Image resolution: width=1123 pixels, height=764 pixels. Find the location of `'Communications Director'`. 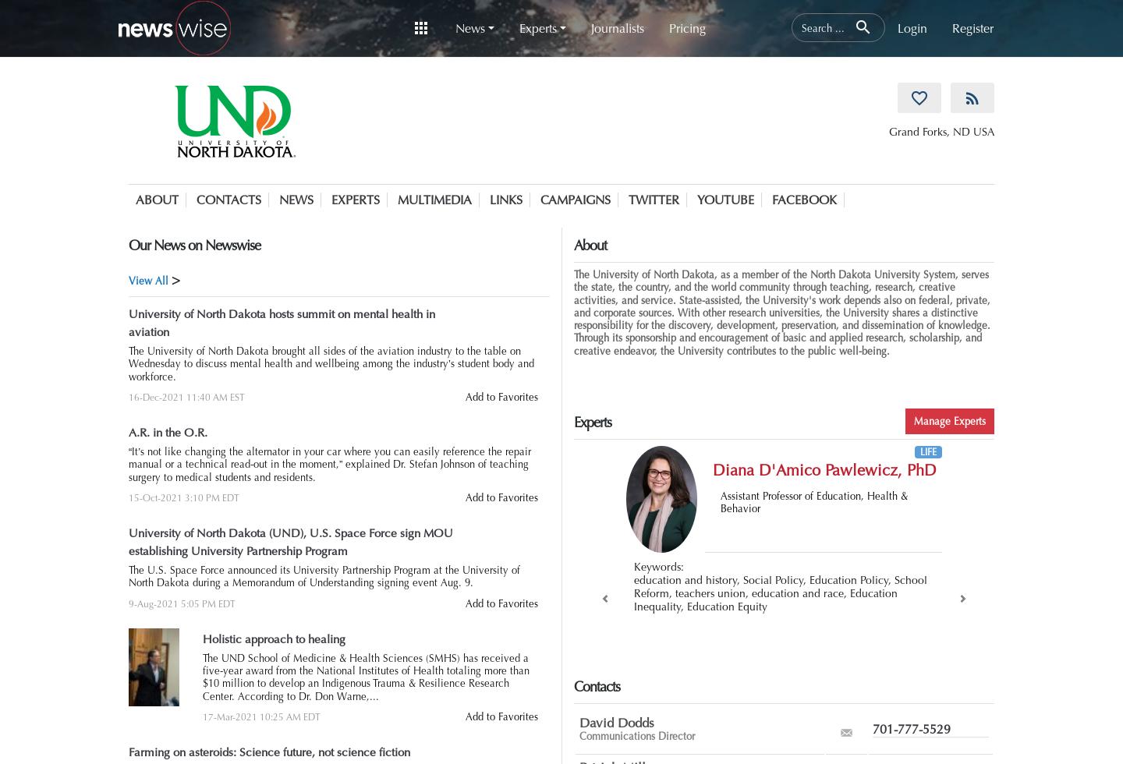

'Communications Director' is located at coordinates (637, 737).